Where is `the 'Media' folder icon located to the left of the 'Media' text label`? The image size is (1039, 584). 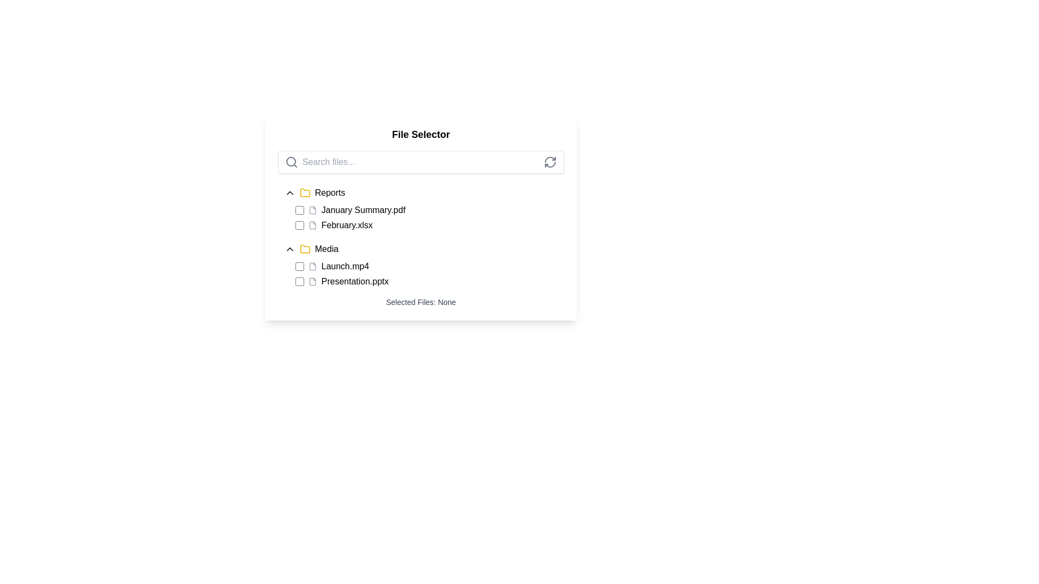 the 'Media' folder icon located to the left of the 'Media' text label is located at coordinates (305, 248).